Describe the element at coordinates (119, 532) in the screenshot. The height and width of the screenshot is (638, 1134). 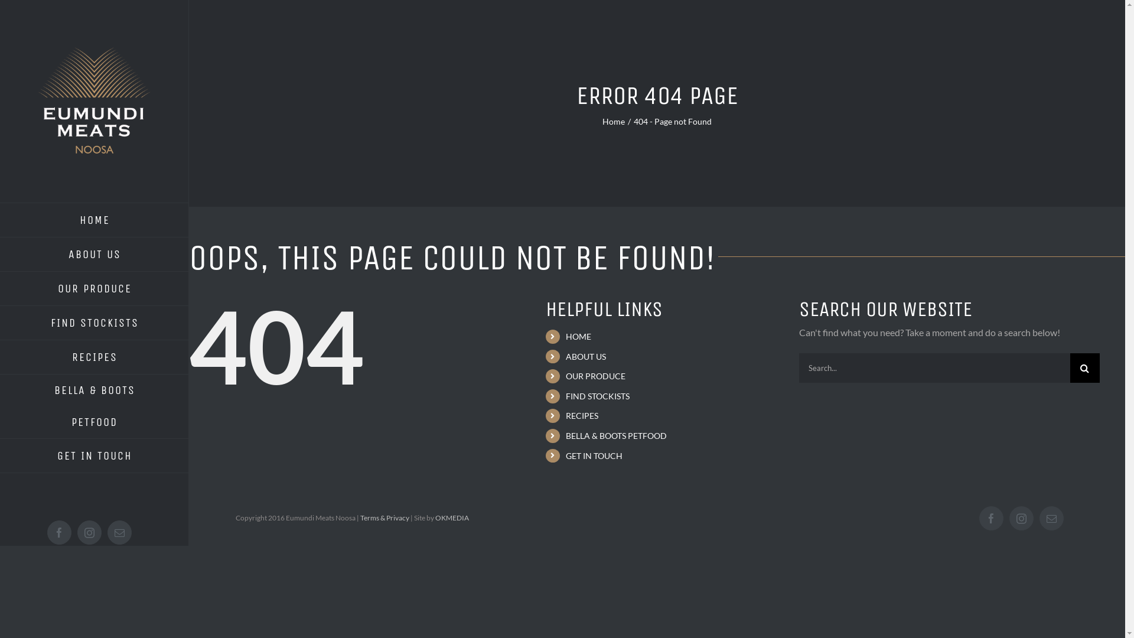
I see `'Email'` at that location.